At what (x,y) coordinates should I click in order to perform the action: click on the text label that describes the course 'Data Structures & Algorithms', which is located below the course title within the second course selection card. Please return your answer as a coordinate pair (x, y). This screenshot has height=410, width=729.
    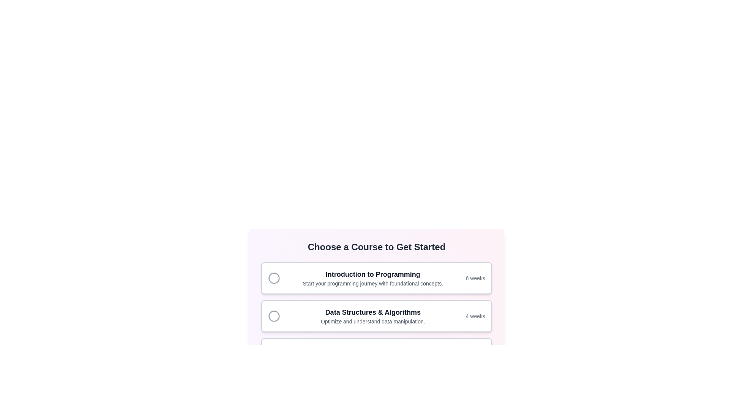
    Looking at the image, I should click on (373, 322).